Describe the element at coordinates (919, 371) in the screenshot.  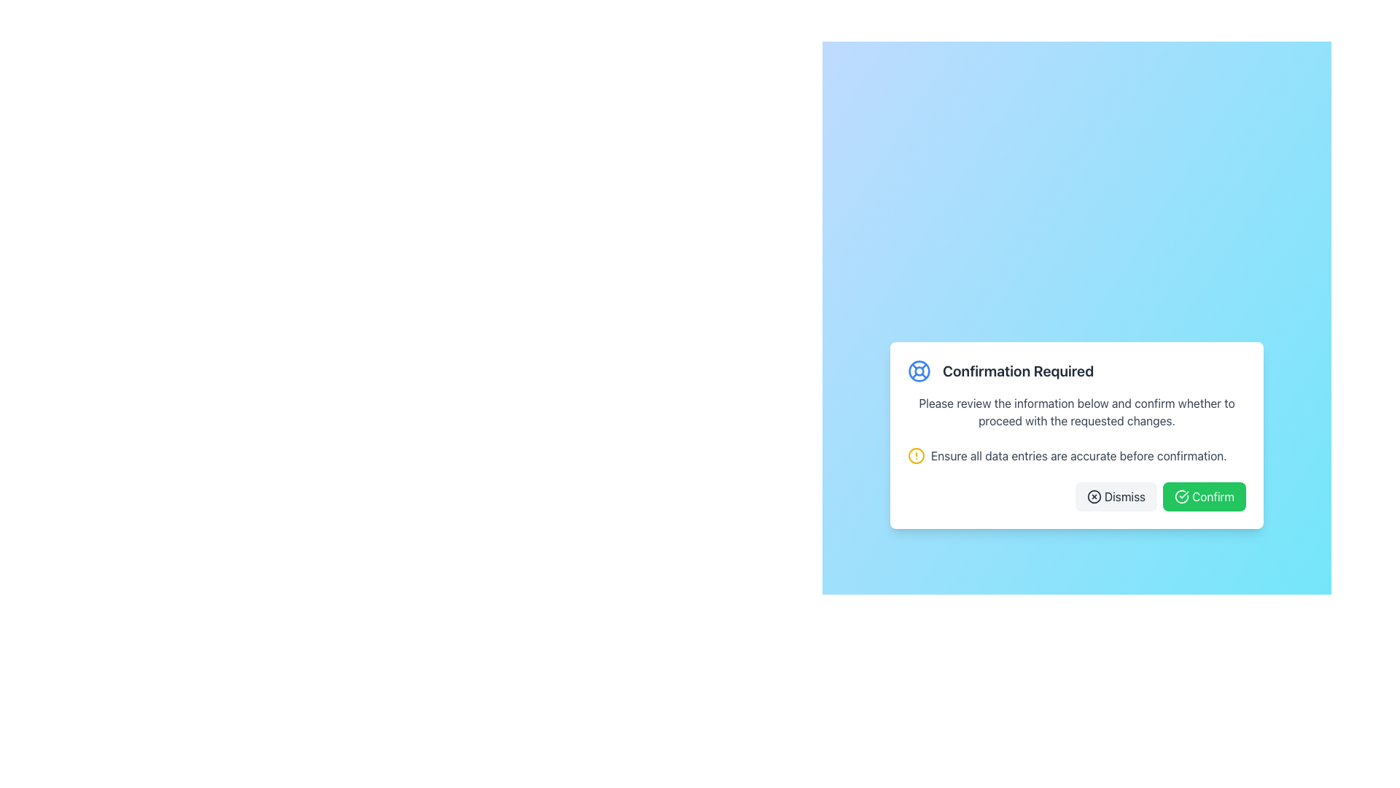
I see `the assistance or safety-related confirmation icon located to the left of the title text 'Confirmation Required' at the top of the dialog box` at that location.